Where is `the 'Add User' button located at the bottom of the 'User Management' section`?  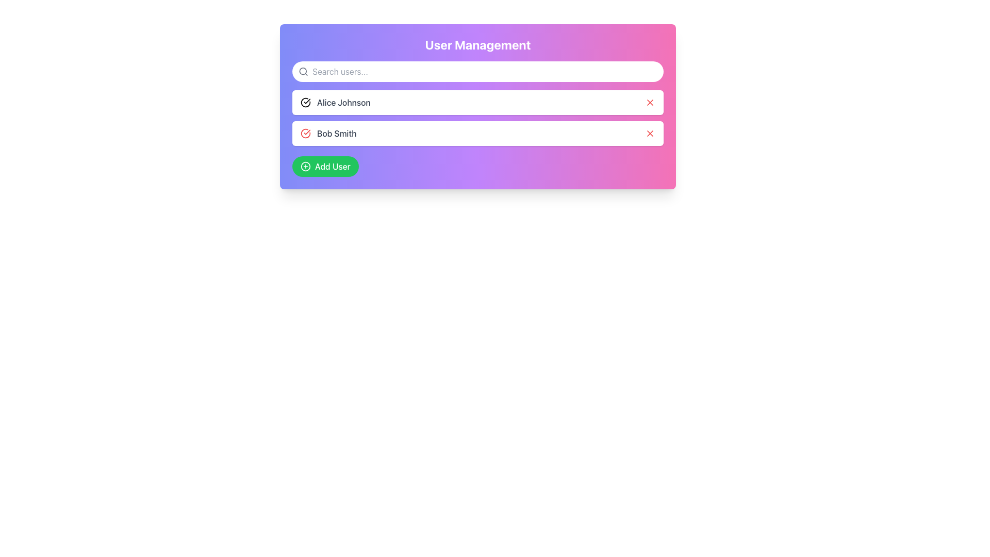
the 'Add User' button located at the bottom of the 'User Management' section is located at coordinates (325, 166).